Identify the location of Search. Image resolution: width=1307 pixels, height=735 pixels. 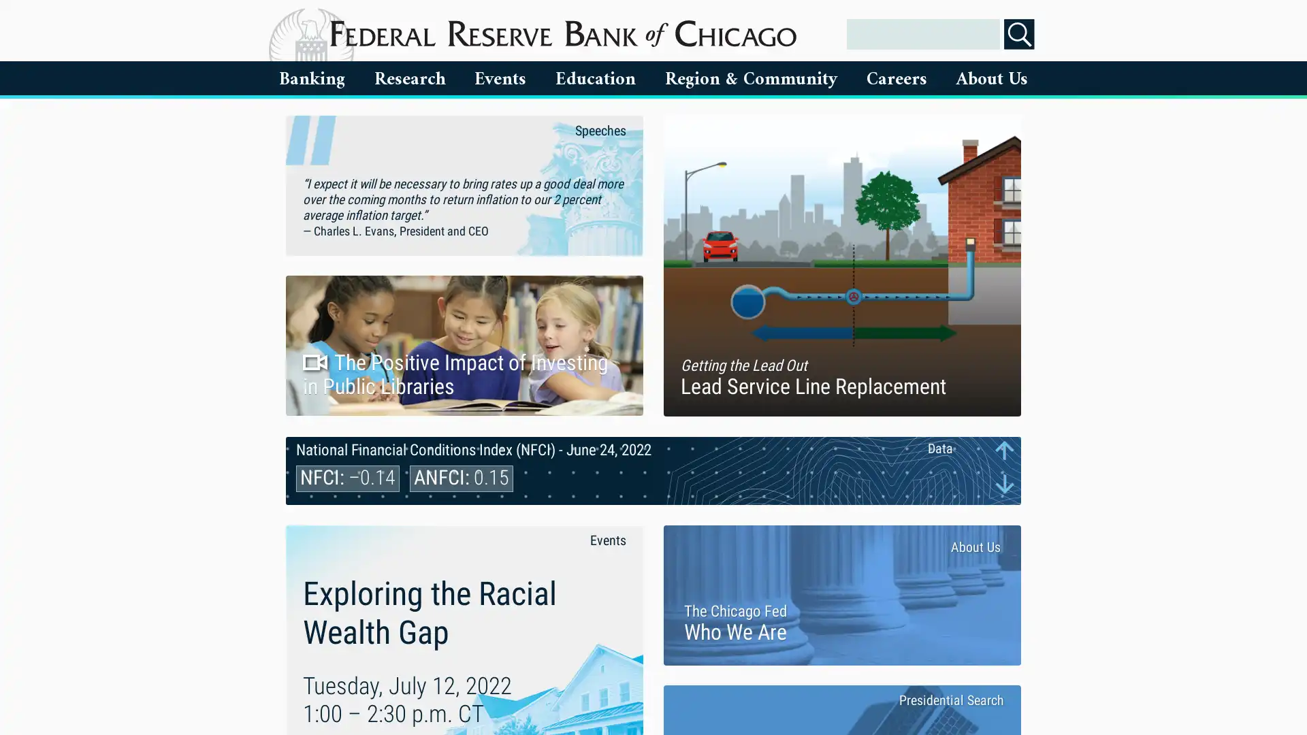
(1019, 33).